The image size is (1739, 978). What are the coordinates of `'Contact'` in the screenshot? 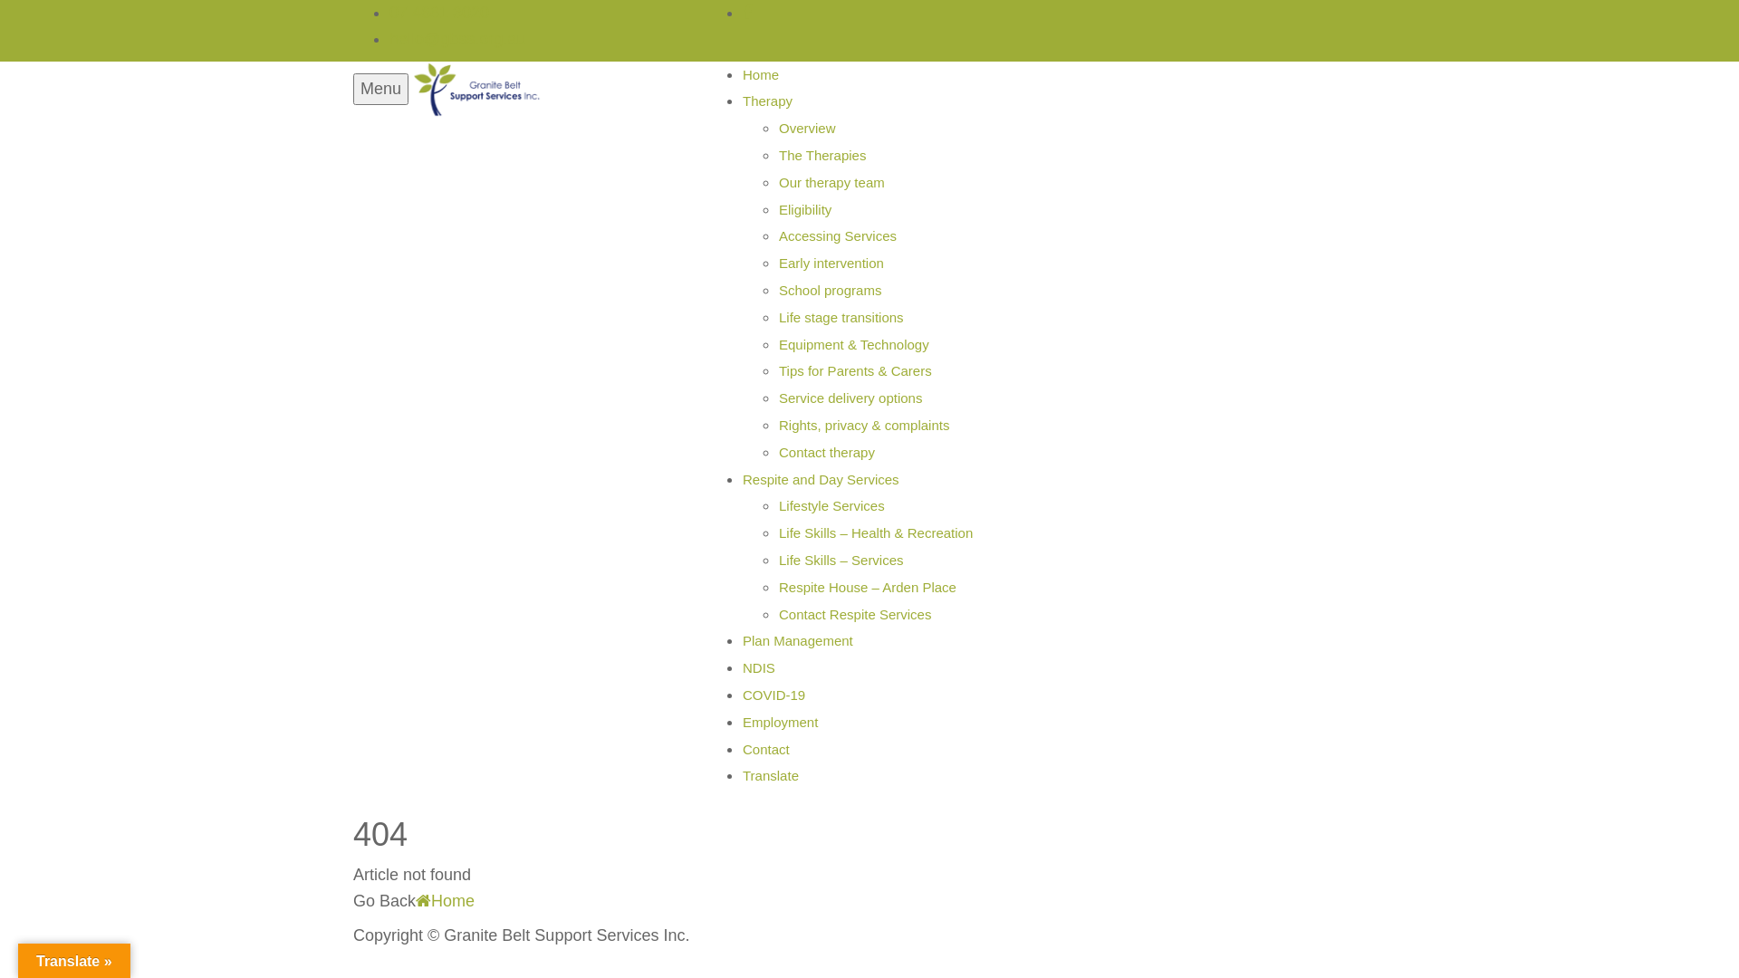 It's located at (765, 749).